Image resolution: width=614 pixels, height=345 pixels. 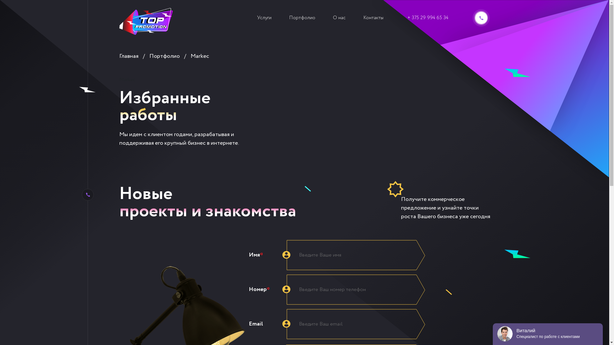 What do you see at coordinates (428, 18) in the screenshot?
I see `'+ 375 29 994 65 34'` at bounding box center [428, 18].